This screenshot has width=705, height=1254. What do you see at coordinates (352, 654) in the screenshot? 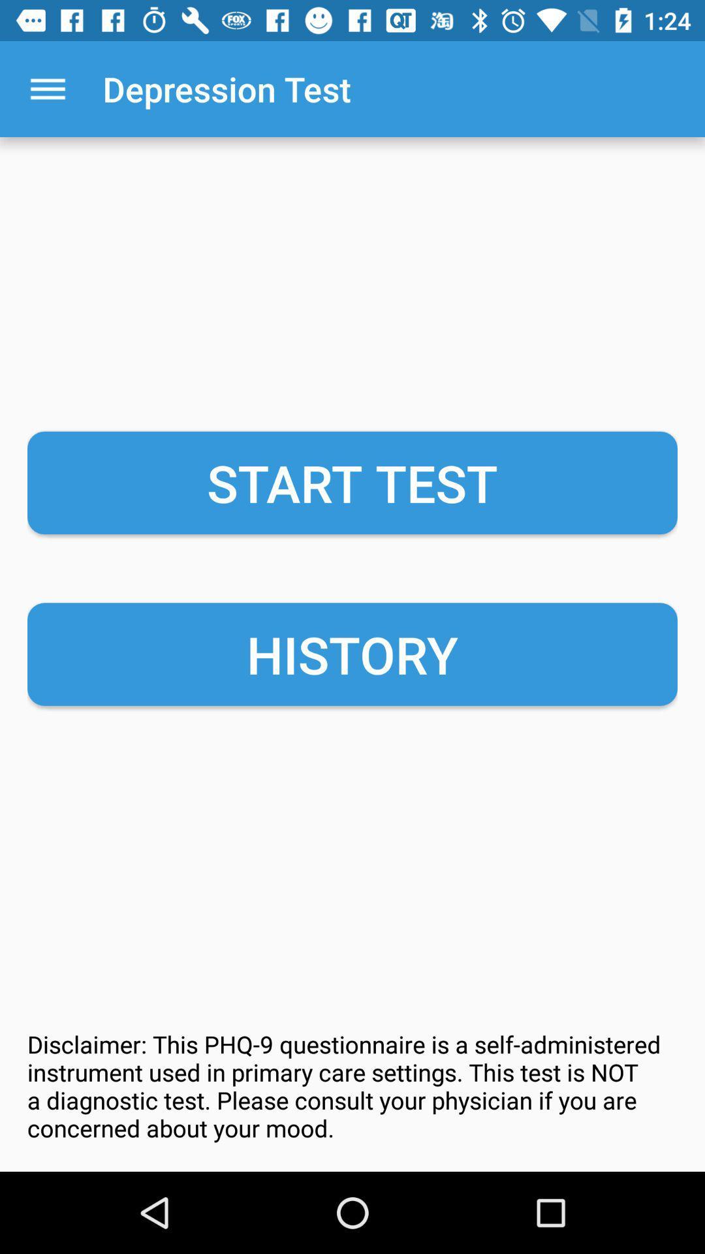
I see `button below start test button` at bounding box center [352, 654].